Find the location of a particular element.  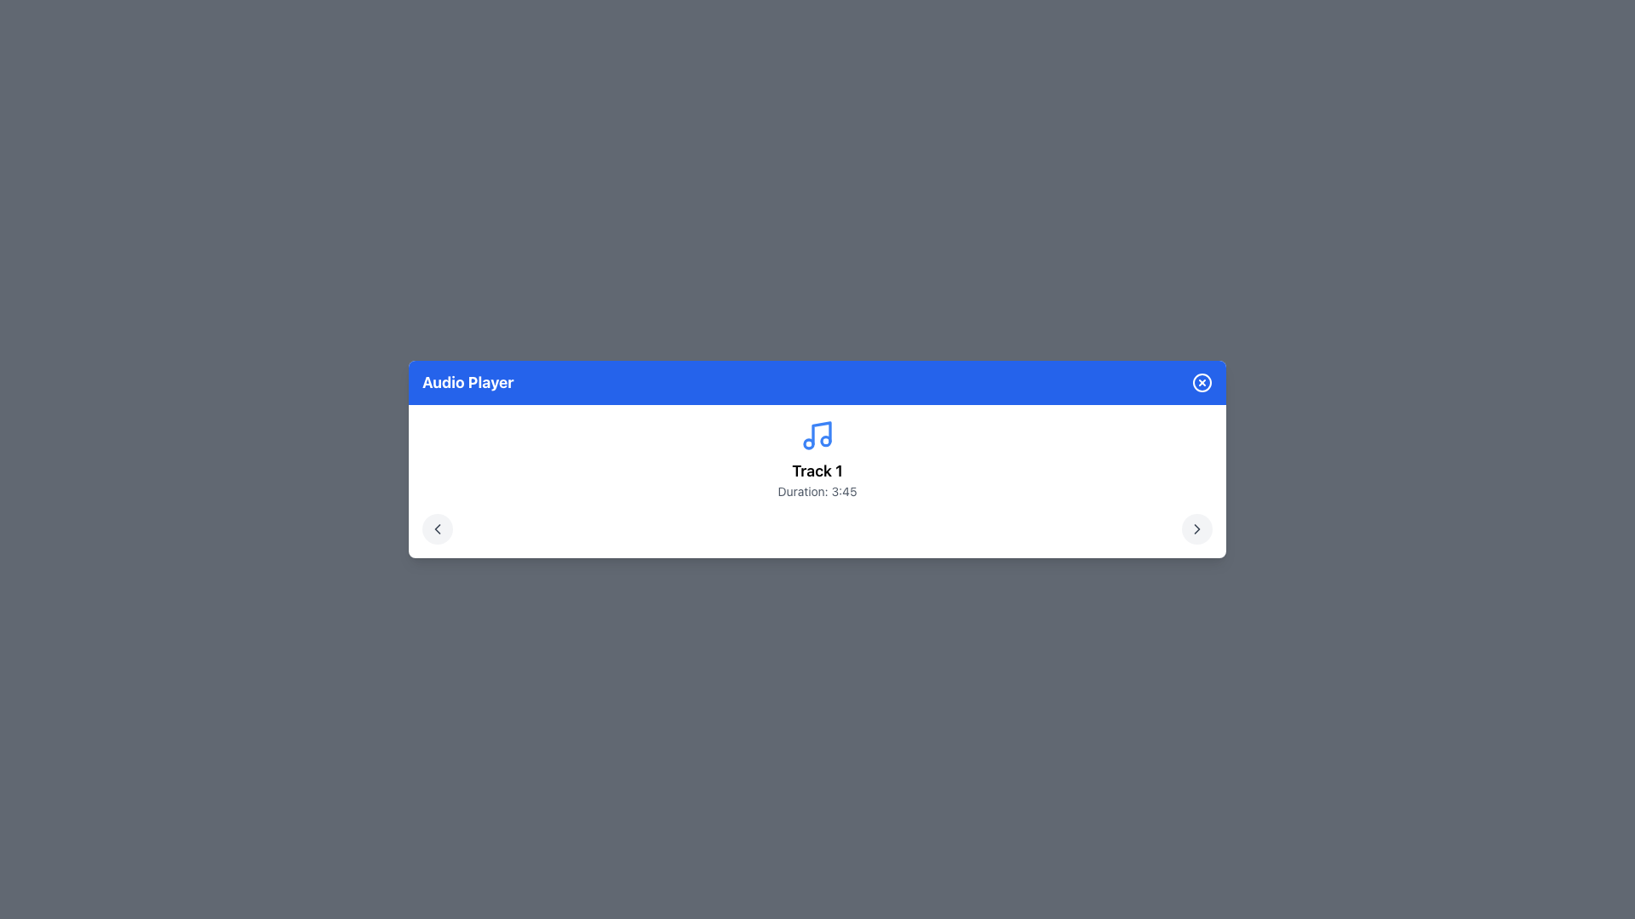

the Close Button, which is a small circular button with a white outline and an 'X' icon inside, located at the top-right corner of the header section labeled 'Audio Player' is located at coordinates (1201, 383).